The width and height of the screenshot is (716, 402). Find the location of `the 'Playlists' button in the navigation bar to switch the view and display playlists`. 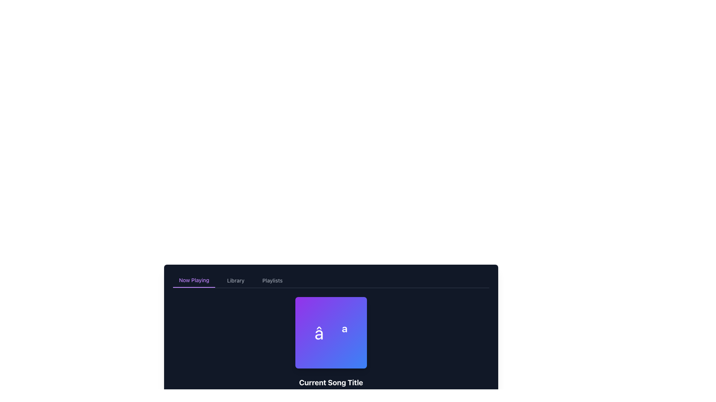

the 'Playlists' button in the navigation bar to switch the view and display playlists is located at coordinates (272, 280).